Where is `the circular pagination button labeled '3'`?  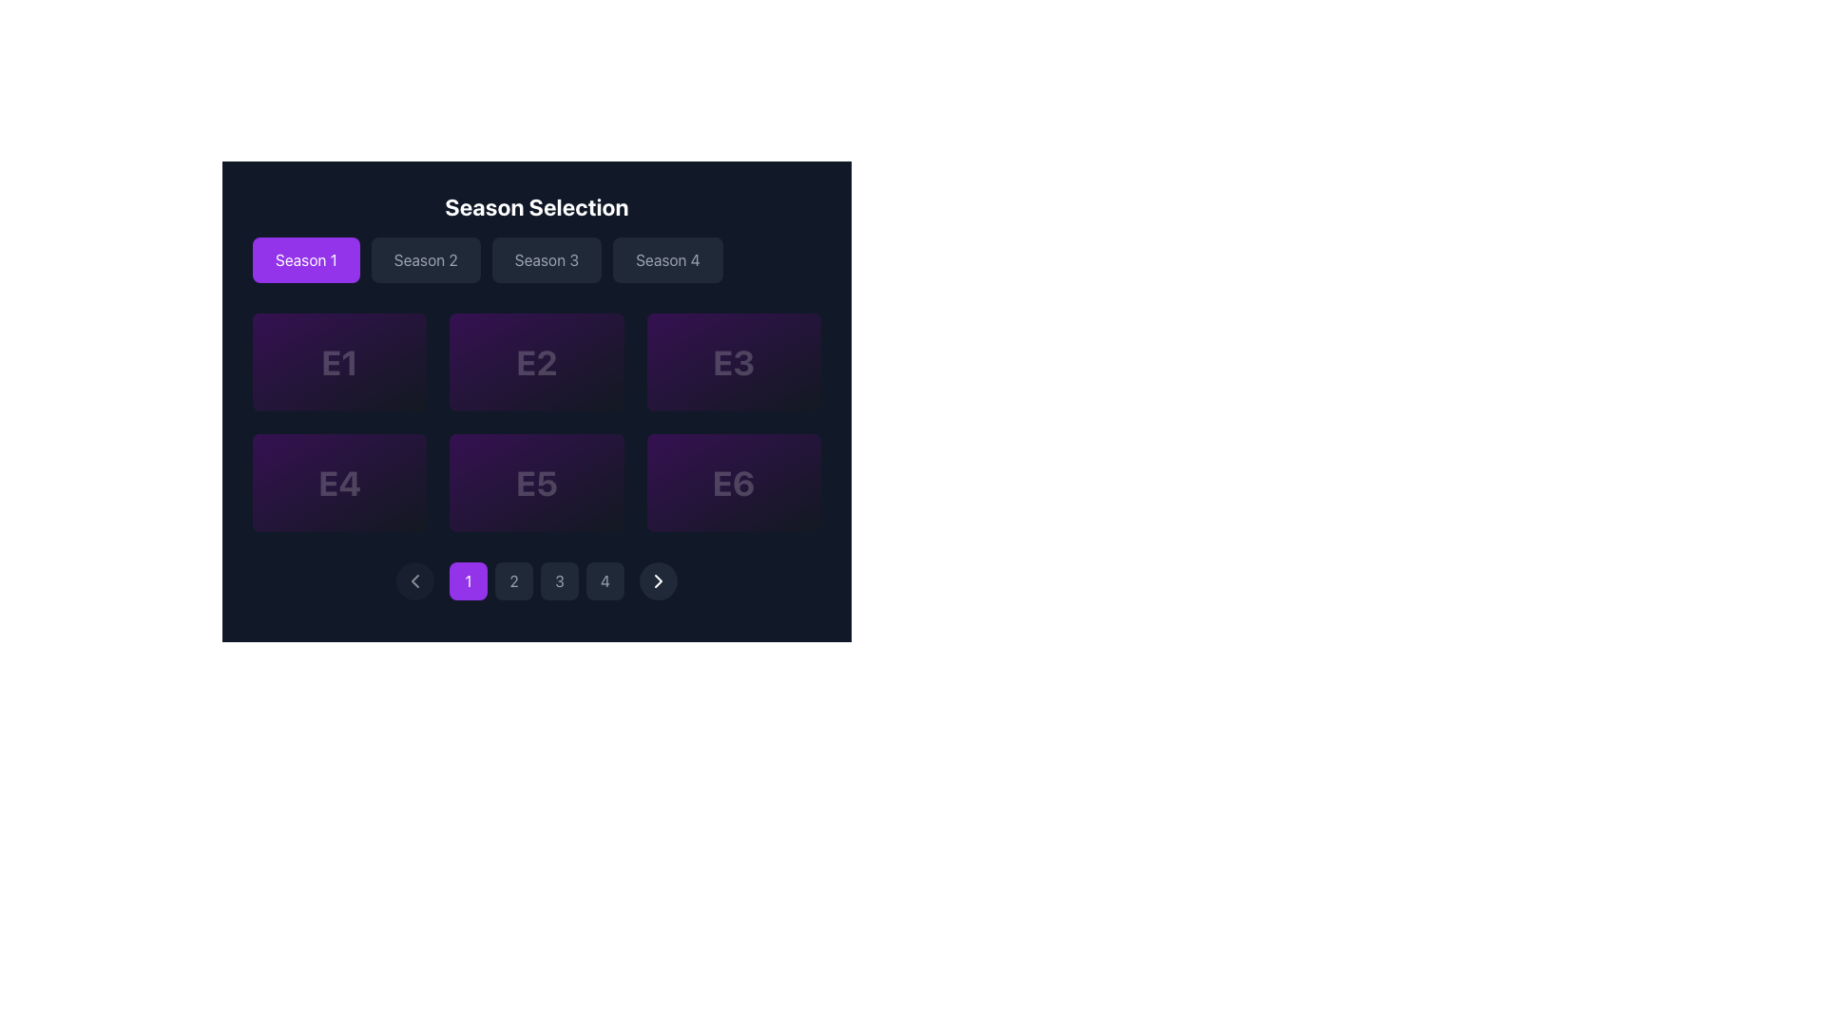
the circular pagination button labeled '3' is located at coordinates (559, 580).